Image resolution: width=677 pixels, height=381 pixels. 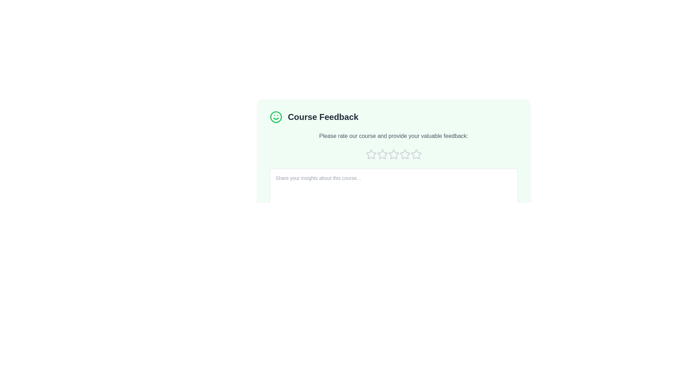 I want to click on the circular green outline icon with a smiley face inside it, positioned to the far left within the 'Course Feedback' header, so click(x=275, y=116).